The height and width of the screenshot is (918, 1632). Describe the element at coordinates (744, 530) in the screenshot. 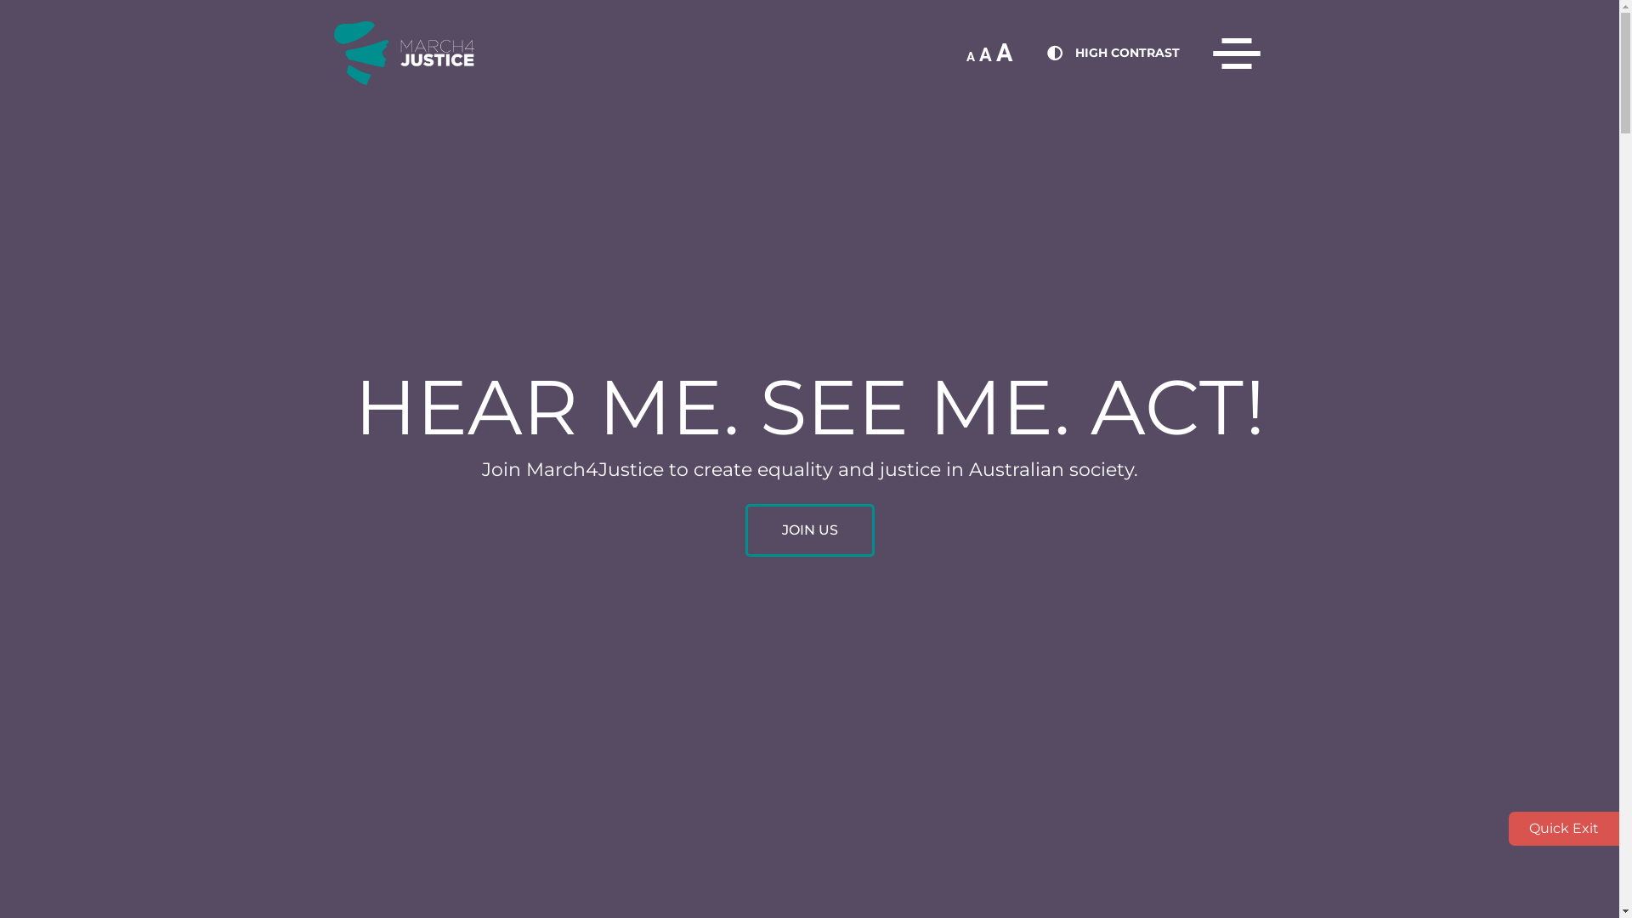

I see `'JOIN US'` at that location.